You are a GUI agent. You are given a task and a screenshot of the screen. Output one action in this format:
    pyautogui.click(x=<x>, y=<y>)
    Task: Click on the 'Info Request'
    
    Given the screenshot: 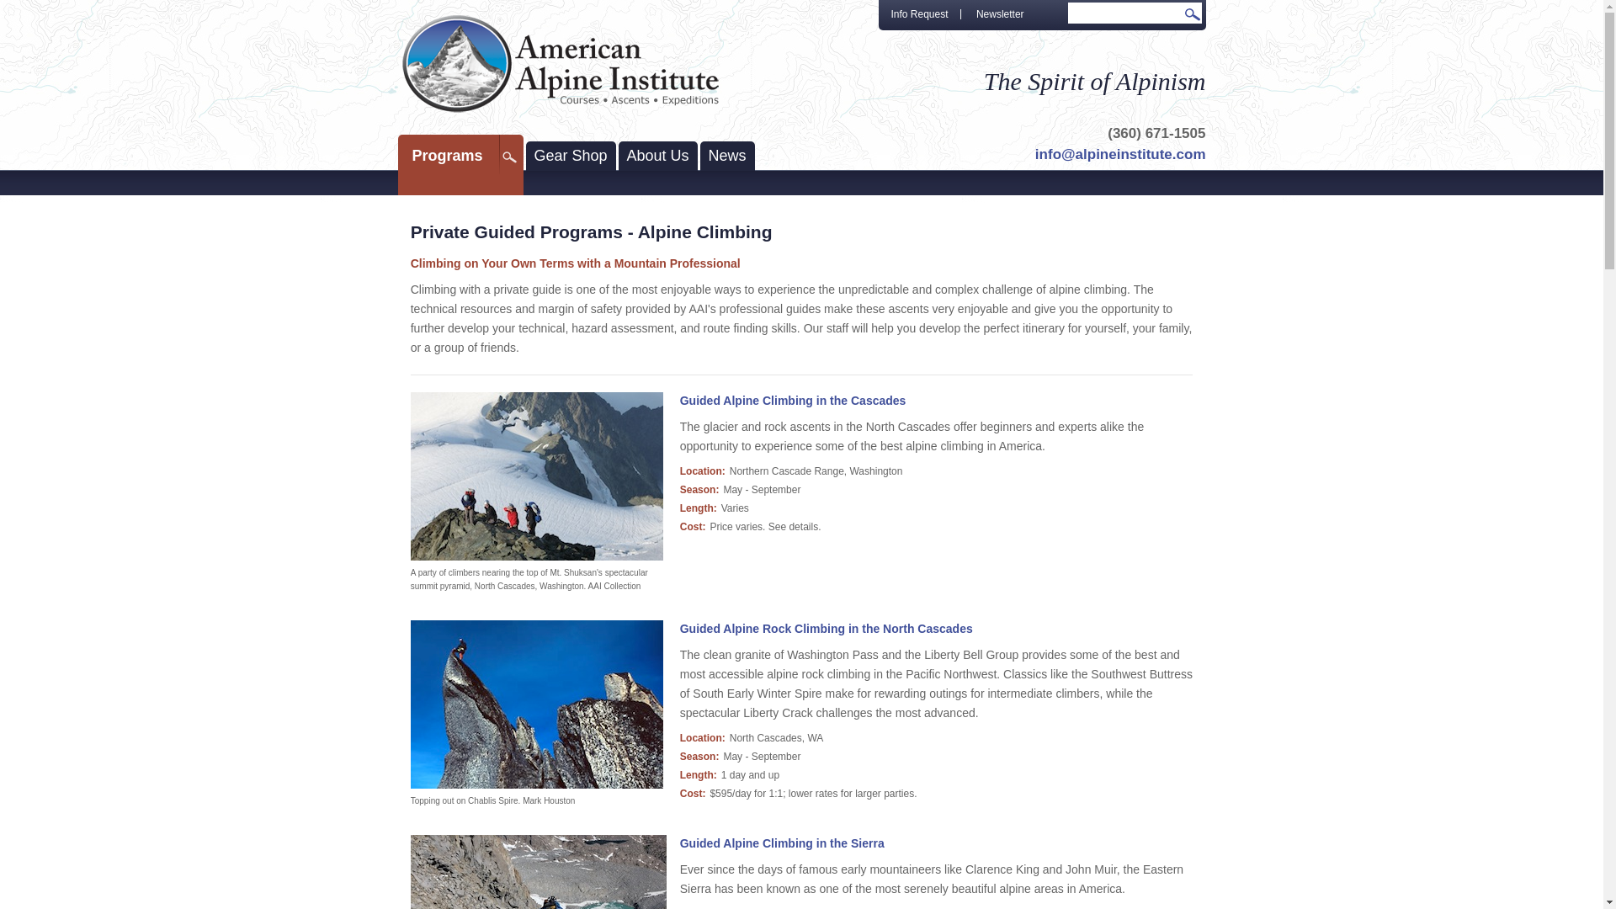 What is the action you would take?
    pyautogui.click(x=919, y=16)
    